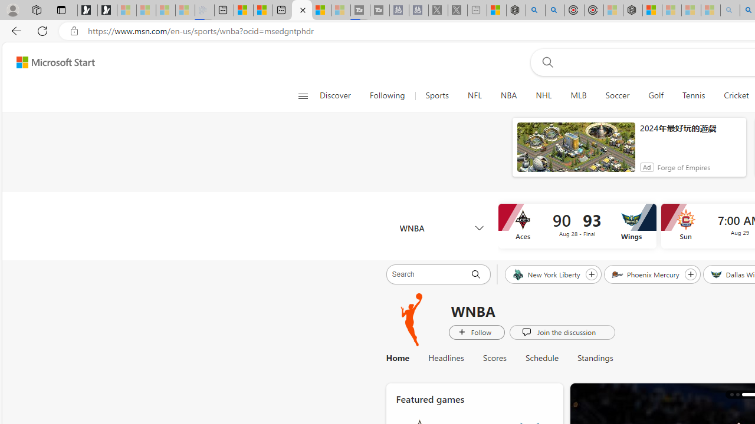 Image resolution: width=755 pixels, height=424 pixels. I want to click on 'Soccer', so click(617, 95).